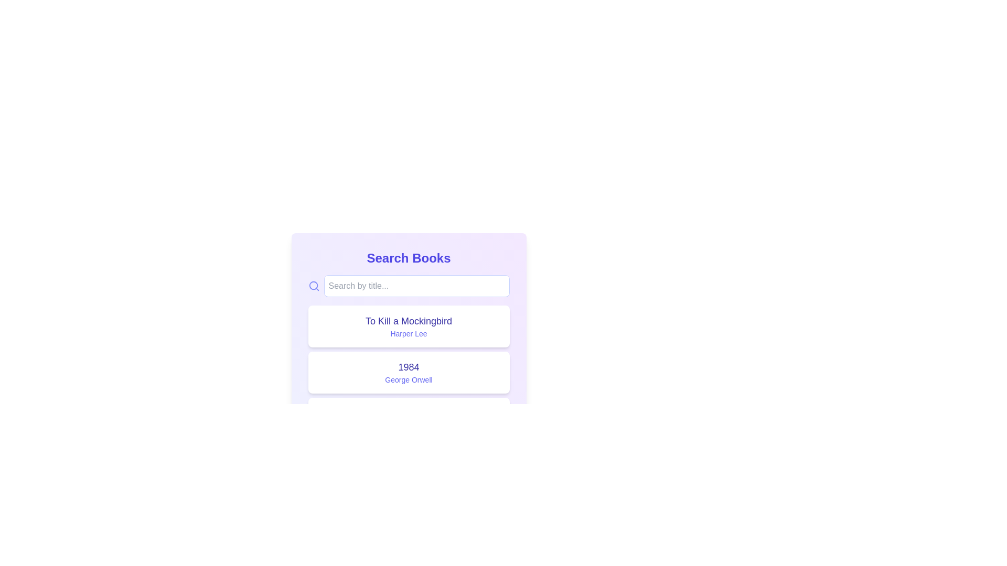 This screenshot has width=1007, height=566. Describe the element at coordinates (313, 286) in the screenshot. I see `the search icon located in the upper-left section of the 'Search Books' interface` at that location.